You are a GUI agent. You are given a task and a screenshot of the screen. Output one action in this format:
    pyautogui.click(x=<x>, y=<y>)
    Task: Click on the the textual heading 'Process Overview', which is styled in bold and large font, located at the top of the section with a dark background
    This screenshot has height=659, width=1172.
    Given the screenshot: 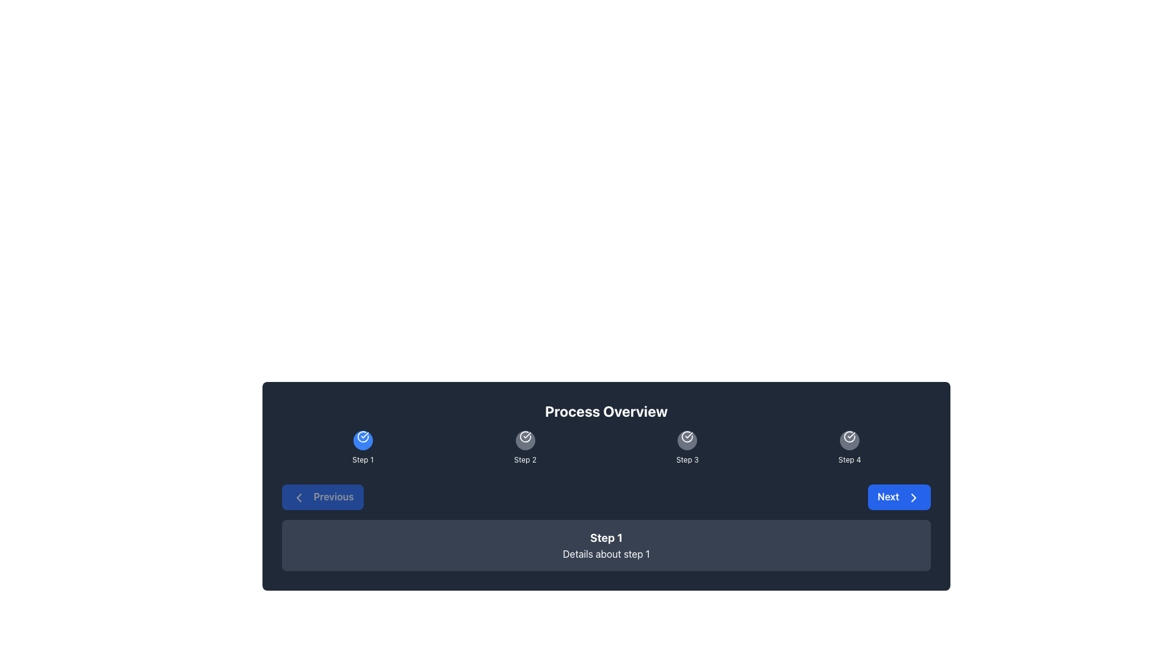 What is the action you would take?
    pyautogui.click(x=606, y=411)
    